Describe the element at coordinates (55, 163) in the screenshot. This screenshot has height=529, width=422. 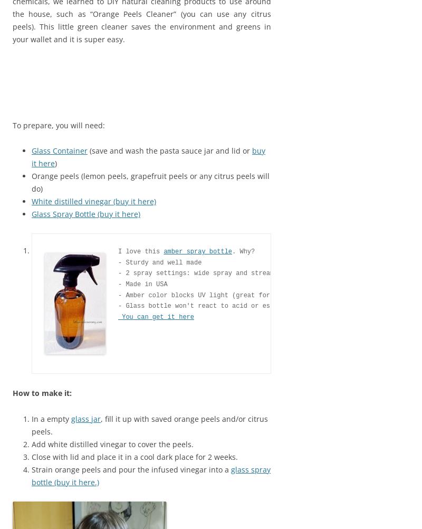
I see `')'` at that location.